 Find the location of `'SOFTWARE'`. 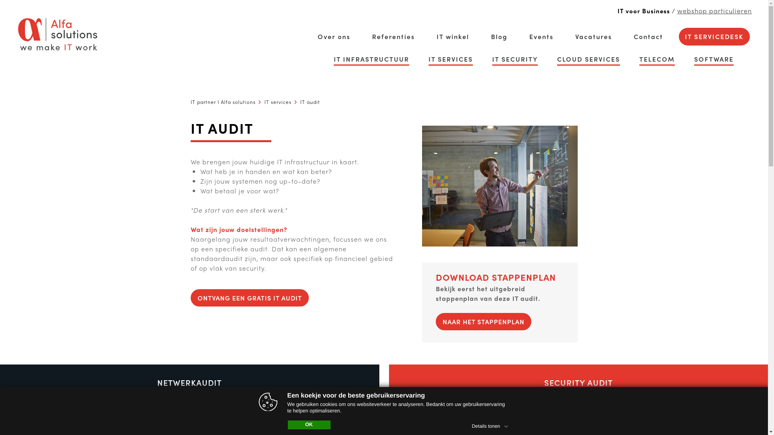

'SOFTWARE' is located at coordinates (714, 58).